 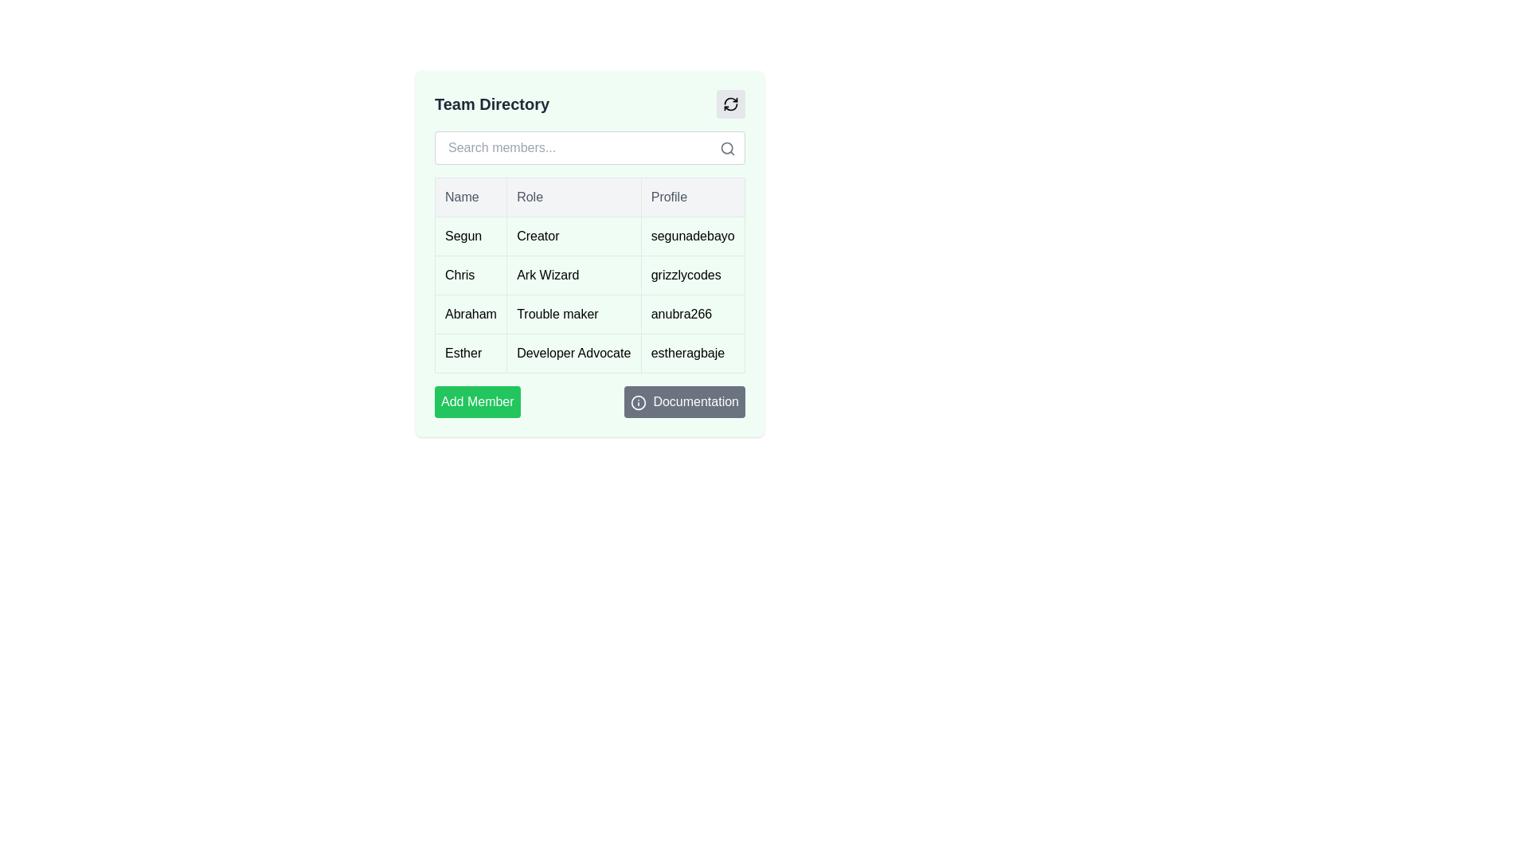 I want to click on the rectangular button labeled 'Documentation' with a gray background and white text to observe any hover effects, so click(x=685, y=401).